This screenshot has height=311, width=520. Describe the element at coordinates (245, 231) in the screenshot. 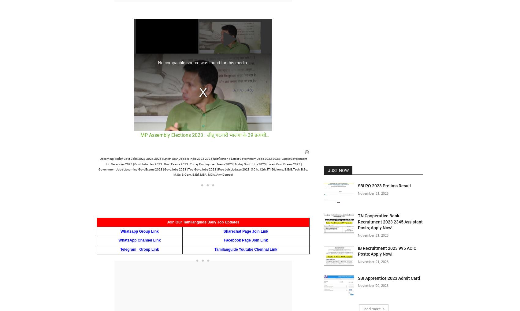

I see `'Sharechat Page Join Link'` at that location.